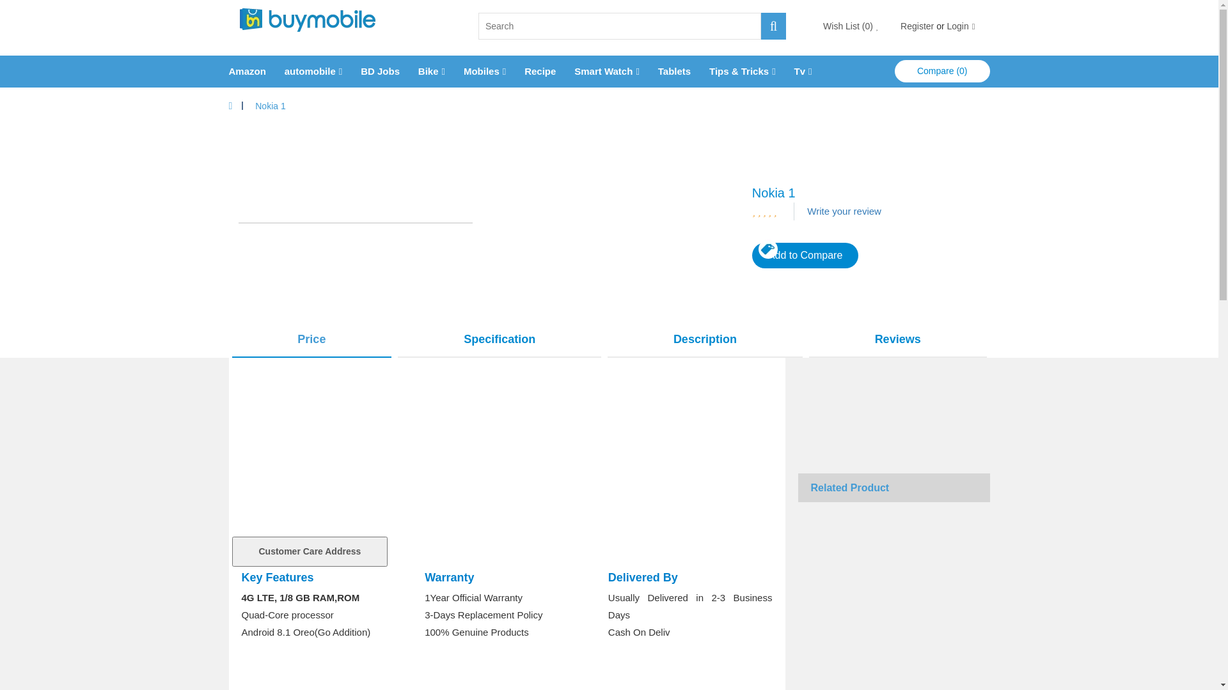  What do you see at coordinates (946, 26) in the screenshot?
I see `'Login'` at bounding box center [946, 26].